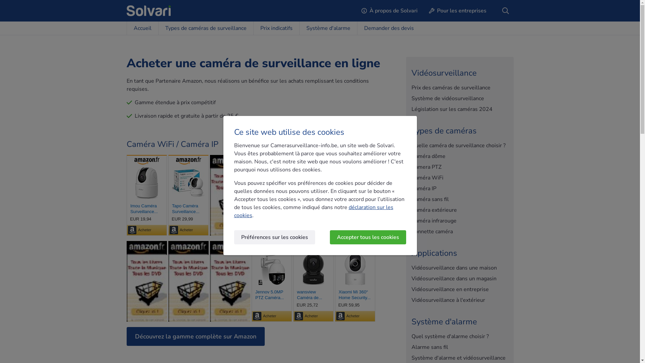 The image size is (645, 363). Describe the element at coordinates (126, 28) in the screenshot. I see `'Accueil'` at that location.